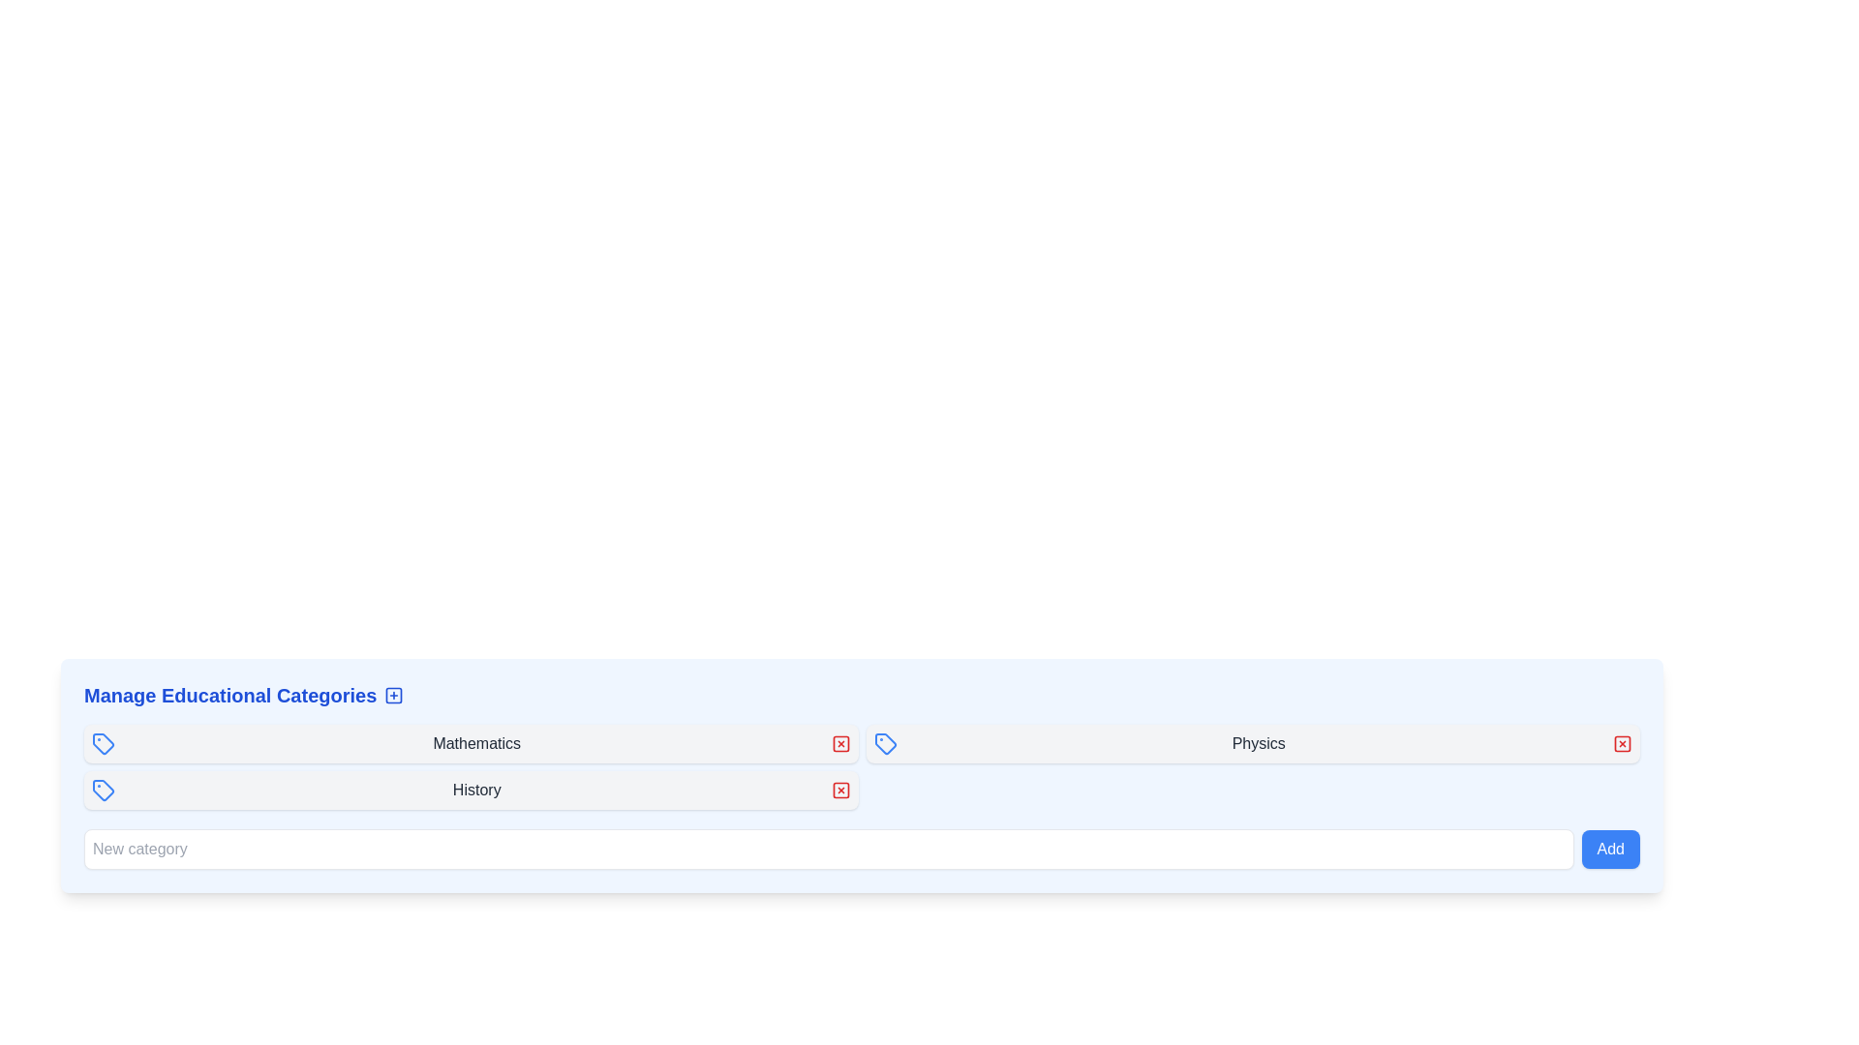 The height and width of the screenshot is (1045, 1859). Describe the element at coordinates (102, 791) in the screenshot. I see `the visual representation of the blue tag icon located in the row labeled 'History', which is the first element in a horizontal arrangement within that row` at that location.